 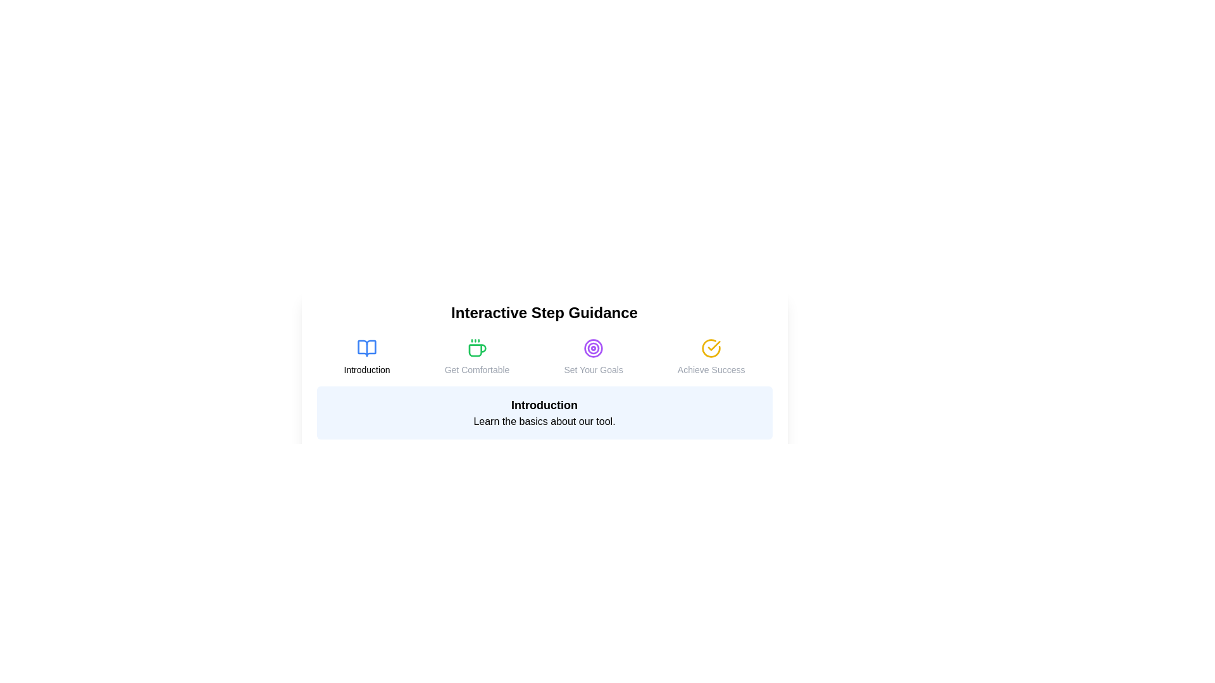 I want to click on the second concentric circle within the multi-layered SVG icon, which serves as a decorative layer representing a target or focus visual metaphor, so click(x=593, y=348).